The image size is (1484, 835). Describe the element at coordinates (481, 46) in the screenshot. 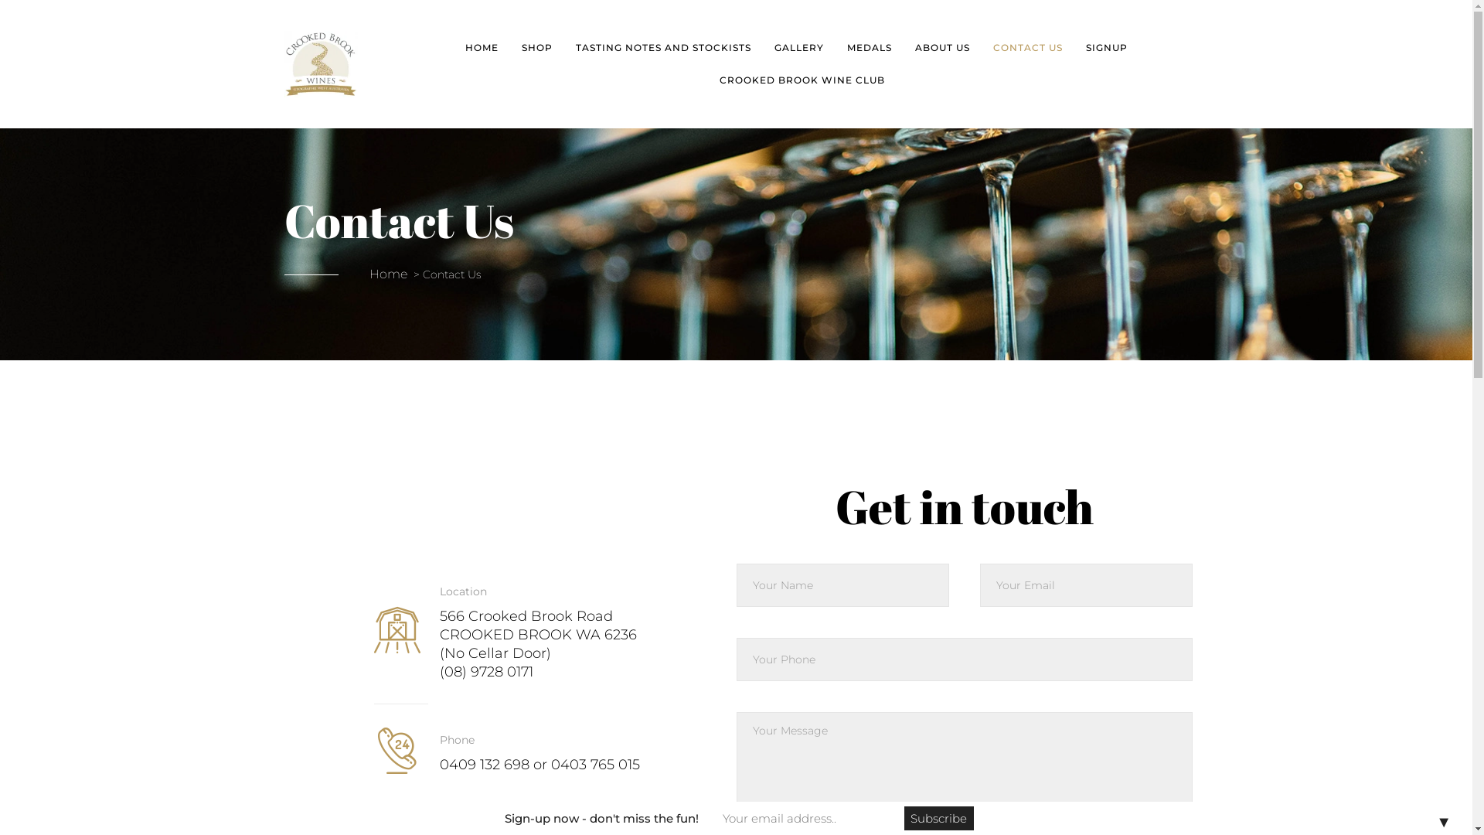

I see `'HOME'` at that location.